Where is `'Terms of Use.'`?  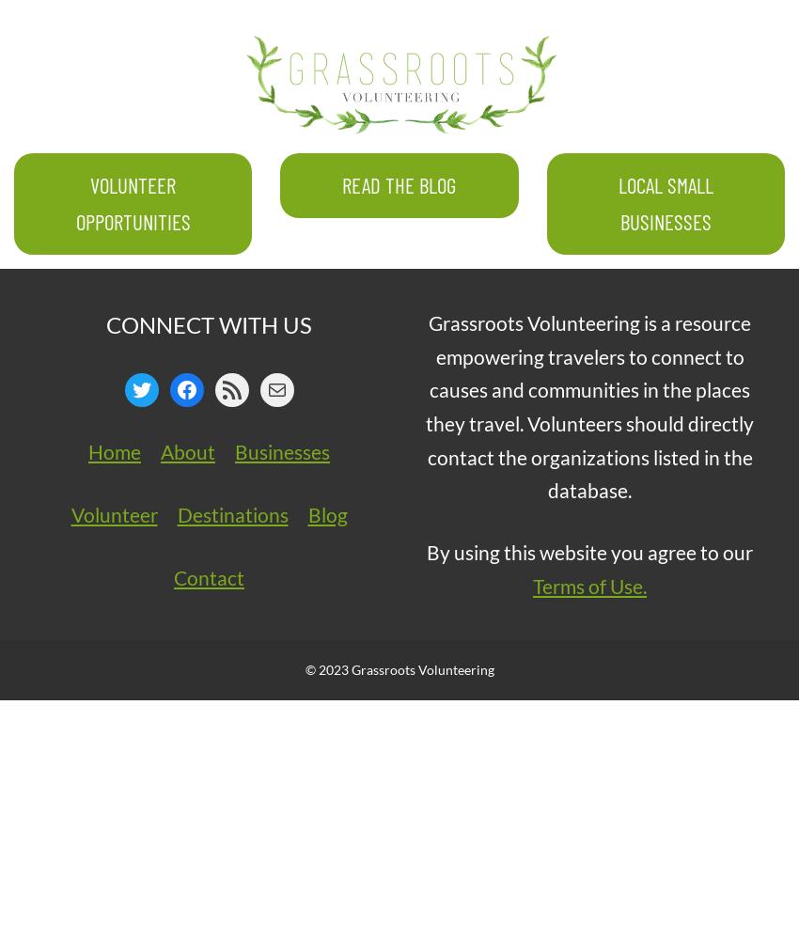
'Terms of Use.' is located at coordinates (588, 584).